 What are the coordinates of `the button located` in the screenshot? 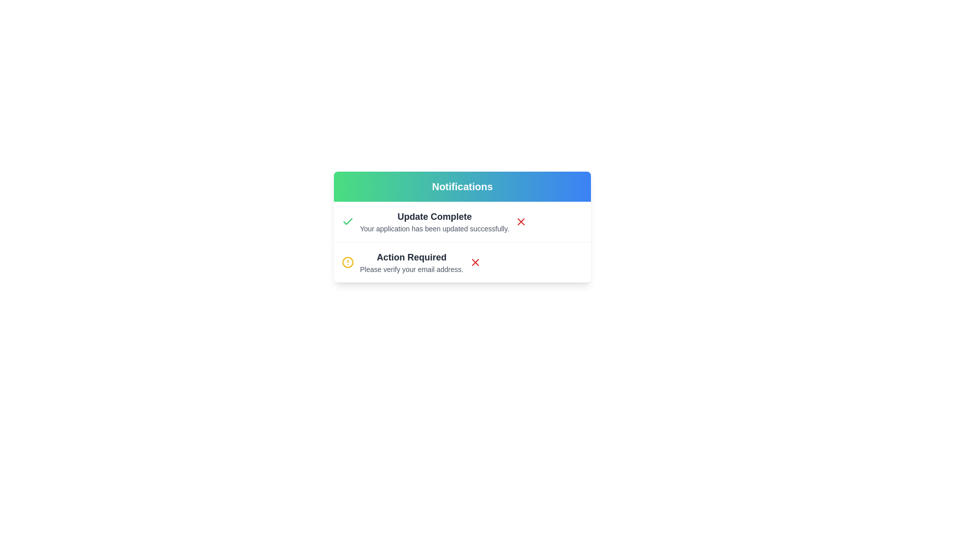 It's located at (475, 262).